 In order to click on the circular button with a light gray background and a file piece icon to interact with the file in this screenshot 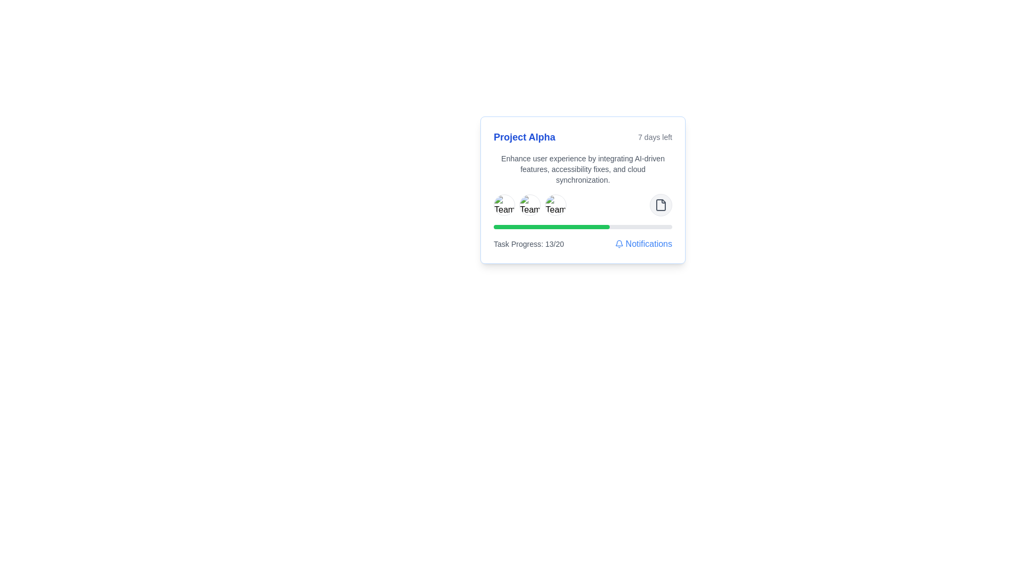, I will do `click(660, 205)`.